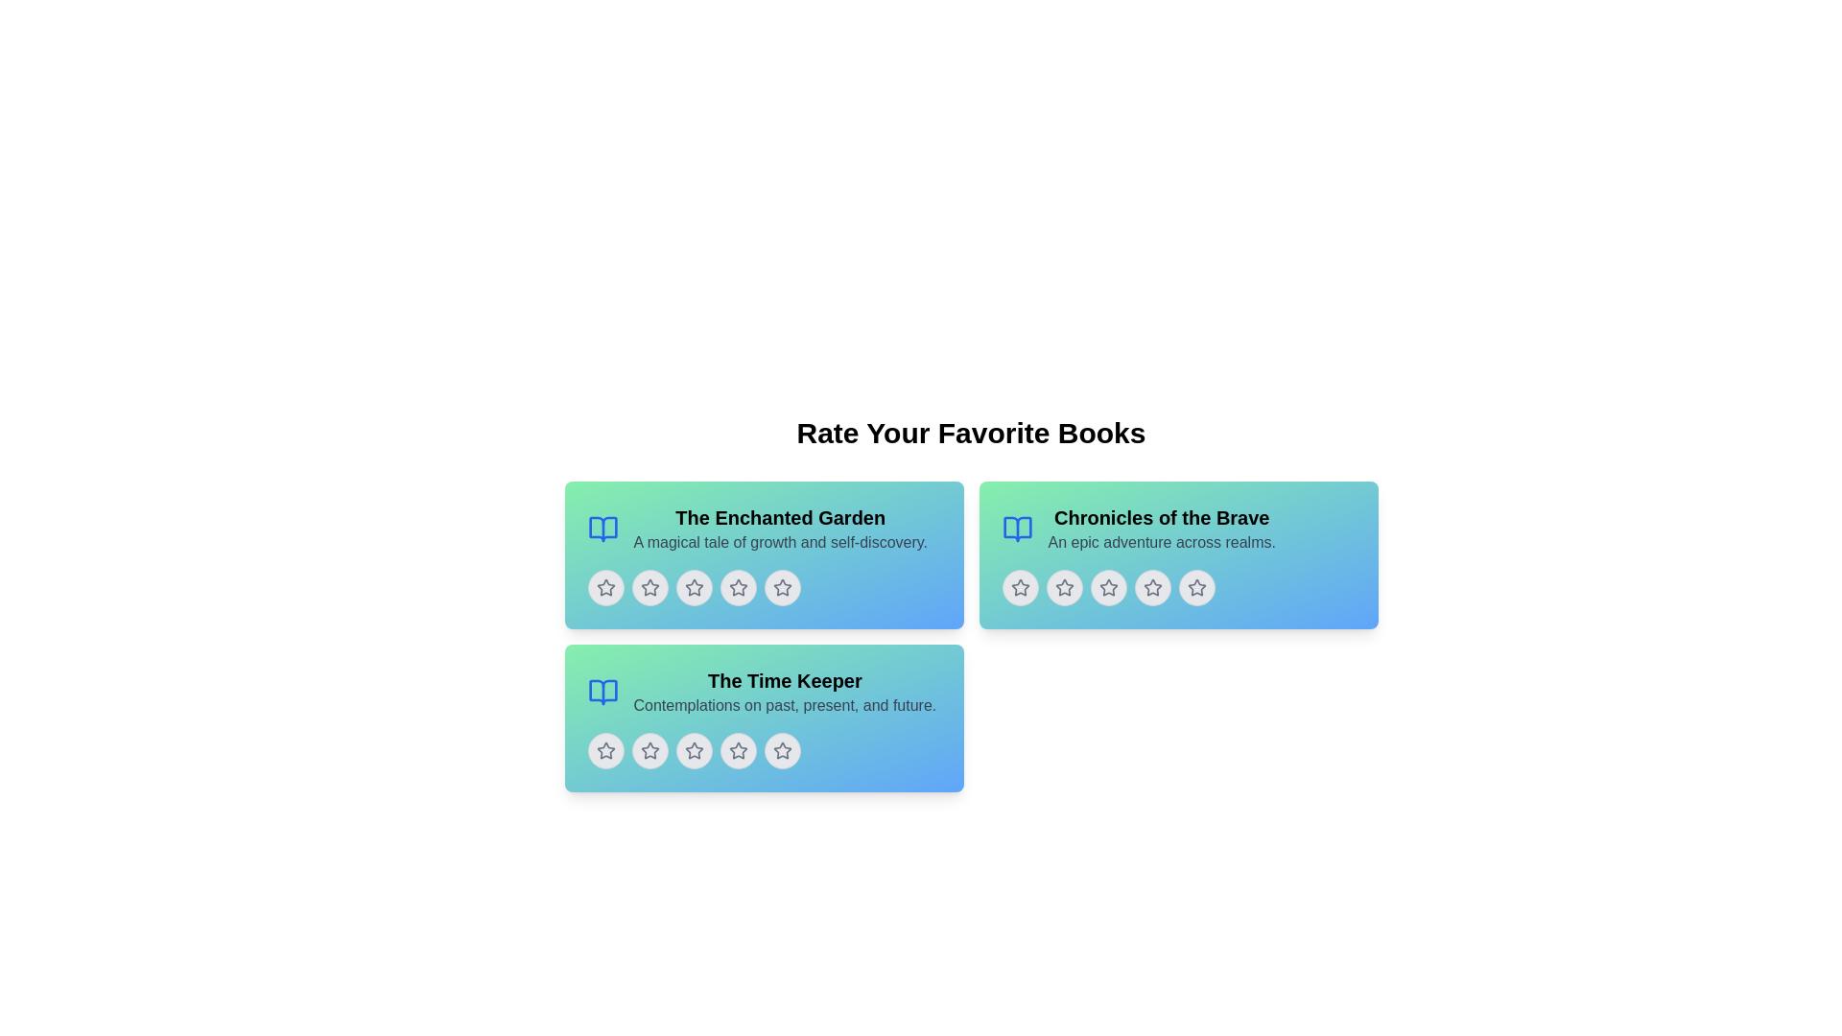 The height and width of the screenshot is (1036, 1842). Describe the element at coordinates (1108, 587) in the screenshot. I see `the third star button` at that location.